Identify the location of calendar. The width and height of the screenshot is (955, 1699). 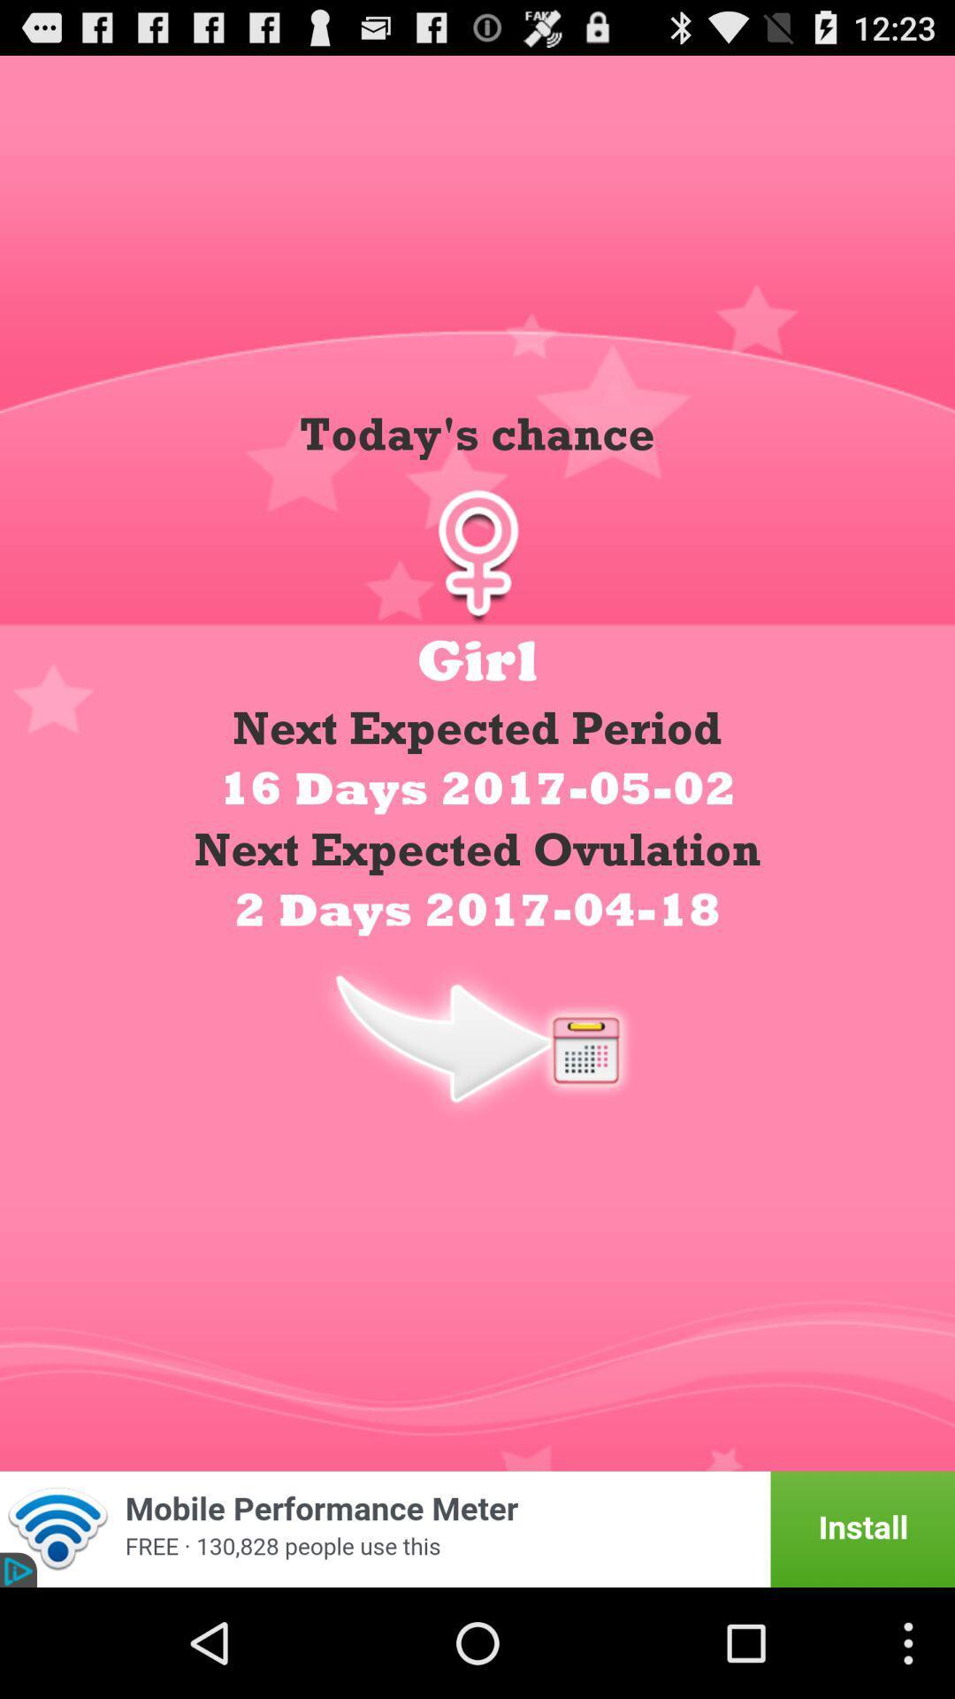
(477, 1037).